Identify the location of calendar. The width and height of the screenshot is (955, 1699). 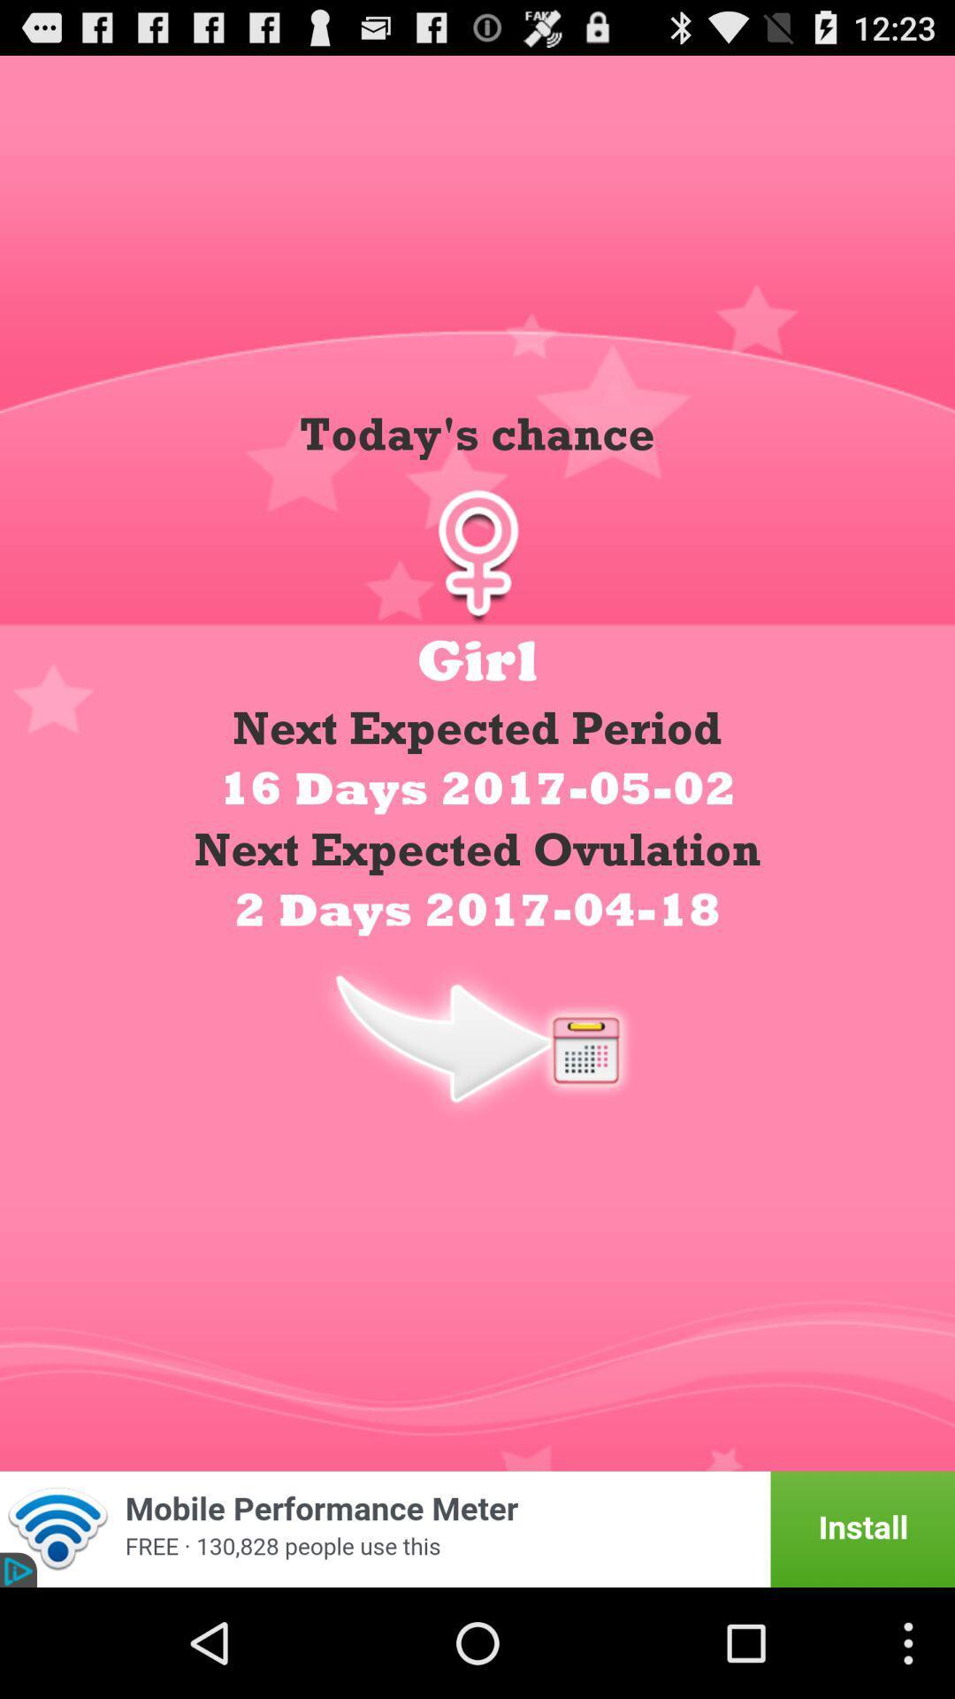
(477, 1037).